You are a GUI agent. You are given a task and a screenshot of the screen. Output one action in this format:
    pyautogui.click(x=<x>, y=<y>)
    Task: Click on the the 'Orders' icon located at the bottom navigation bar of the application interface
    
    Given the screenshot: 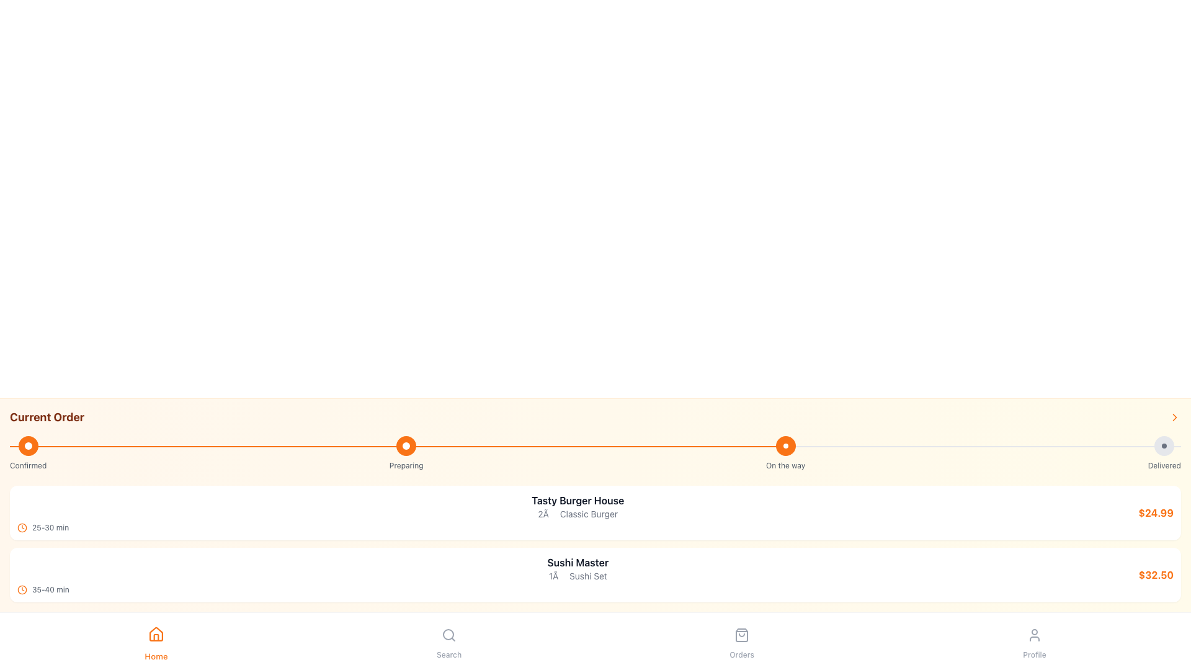 What is the action you would take?
    pyautogui.click(x=742, y=635)
    